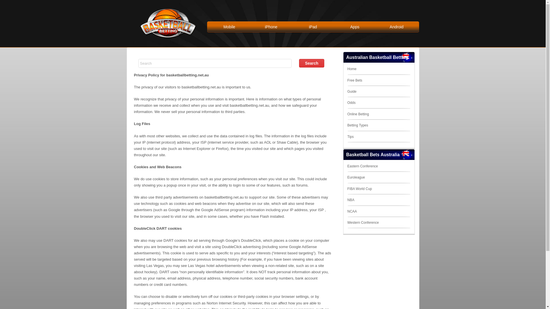 This screenshot has height=309, width=550. Describe the element at coordinates (347, 189) in the screenshot. I see `'FIBA World Cup'` at that location.